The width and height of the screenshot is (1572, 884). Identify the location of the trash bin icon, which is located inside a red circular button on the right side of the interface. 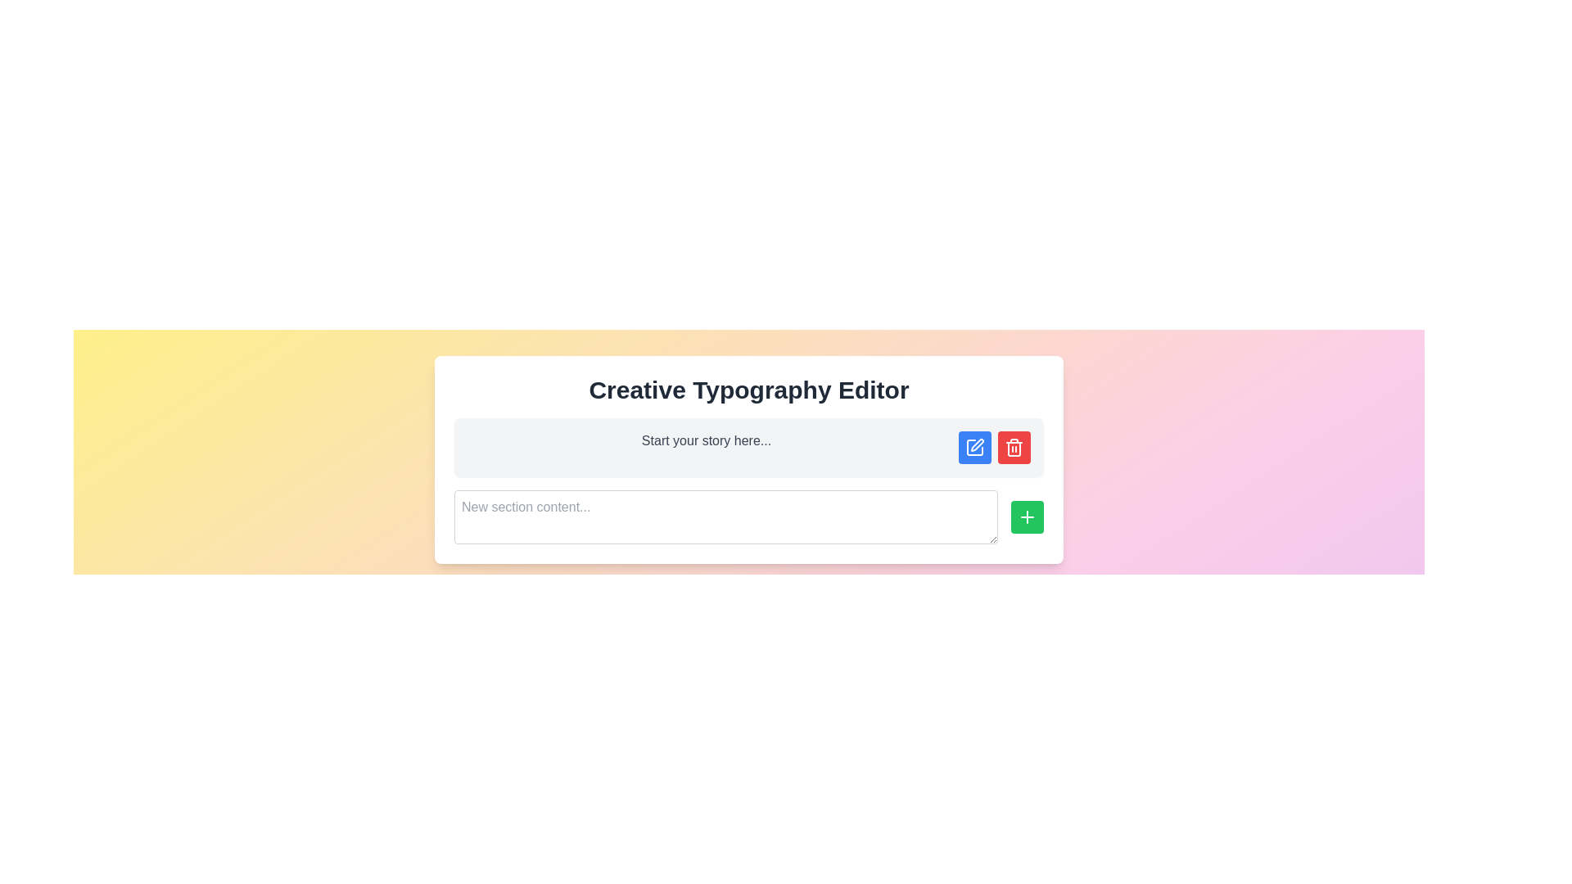
(1013, 448).